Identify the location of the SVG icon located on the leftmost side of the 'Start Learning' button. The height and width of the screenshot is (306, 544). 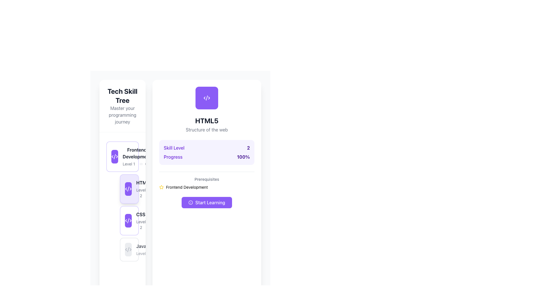
(191, 202).